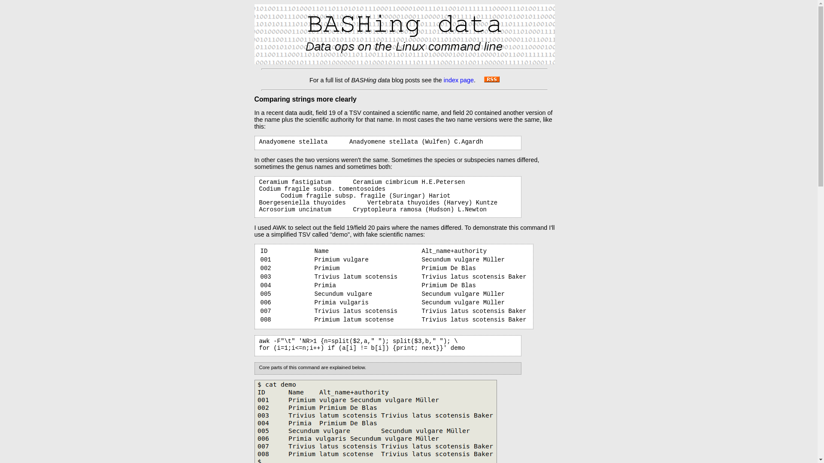 The height and width of the screenshot is (463, 824). I want to click on 'index page', so click(458, 80).